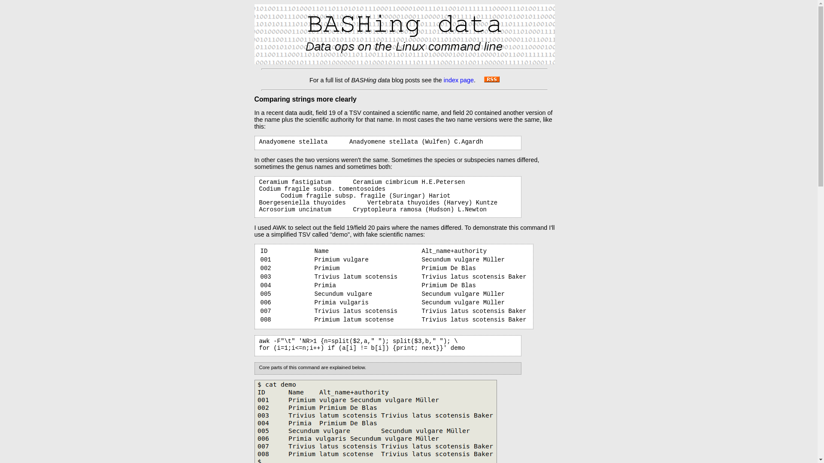 The height and width of the screenshot is (463, 824). I want to click on 'index page', so click(458, 80).